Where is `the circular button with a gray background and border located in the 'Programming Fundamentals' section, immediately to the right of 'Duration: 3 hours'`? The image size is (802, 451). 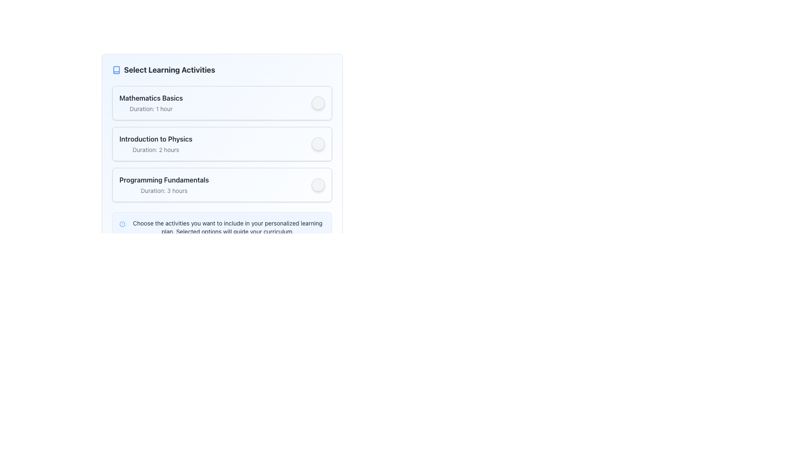 the circular button with a gray background and border located in the 'Programming Fundamentals' section, immediately to the right of 'Duration: 3 hours' is located at coordinates (318, 185).